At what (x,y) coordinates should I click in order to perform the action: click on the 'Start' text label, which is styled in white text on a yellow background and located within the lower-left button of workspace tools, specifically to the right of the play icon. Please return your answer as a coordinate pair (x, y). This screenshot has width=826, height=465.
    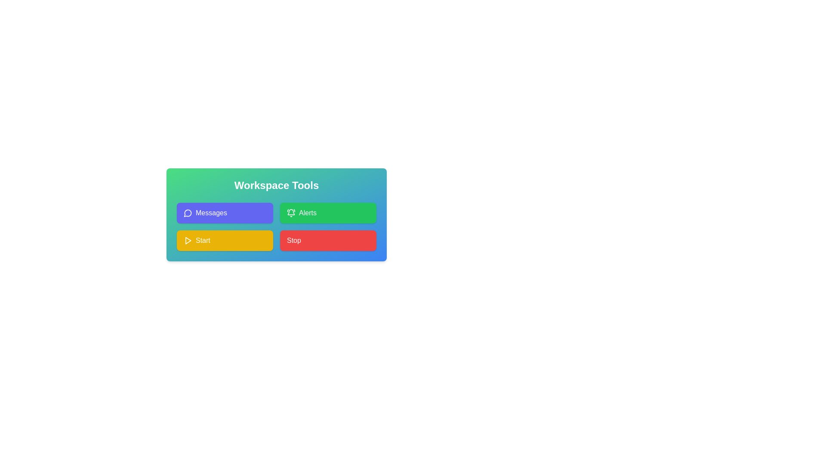
    Looking at the image, I should click on (202, 241).